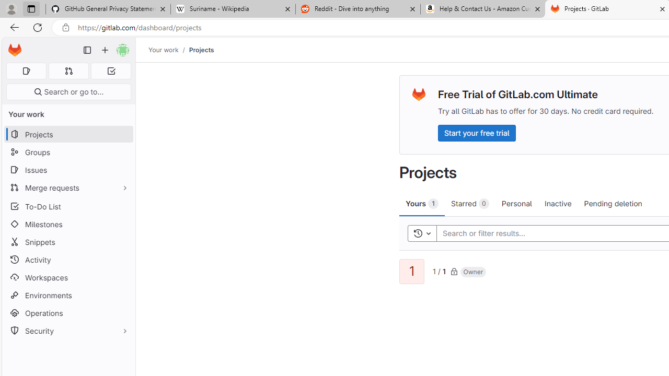  What do you see at coordinates (105, 50) in the screenshot?
I see `'Create new...'` at bounding box center [105, 50].